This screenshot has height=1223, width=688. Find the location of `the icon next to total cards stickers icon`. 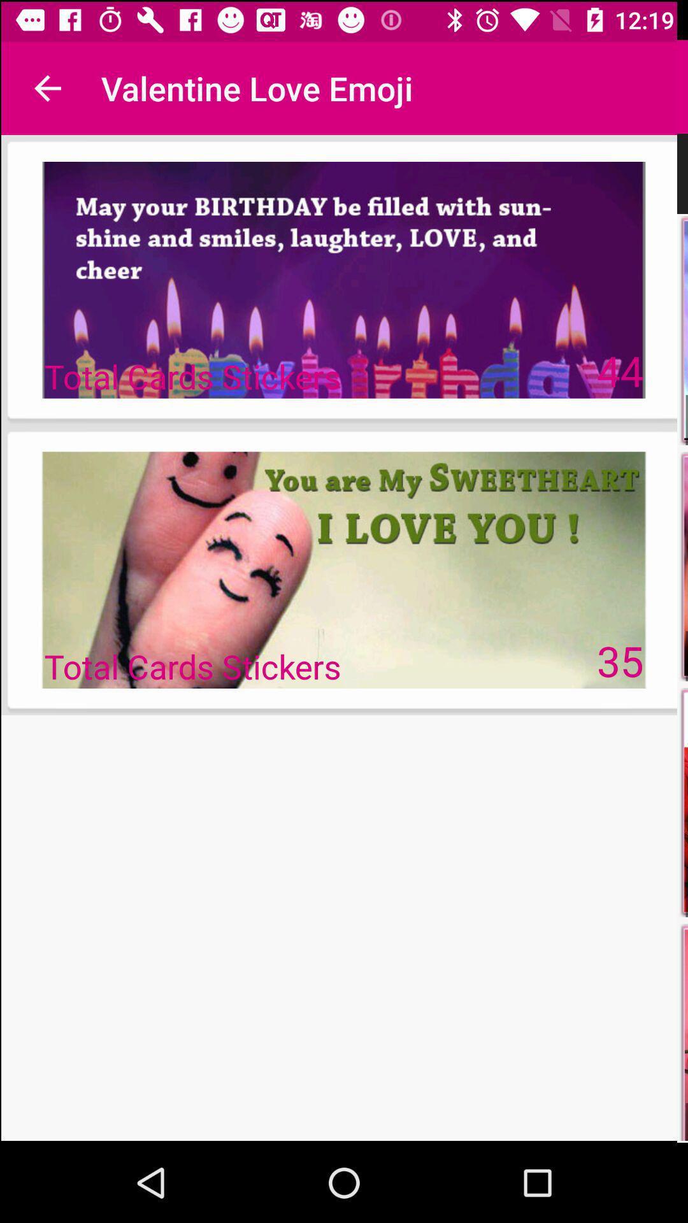

the icon next to total cards stickers icon is located at coordinates (620, 369).